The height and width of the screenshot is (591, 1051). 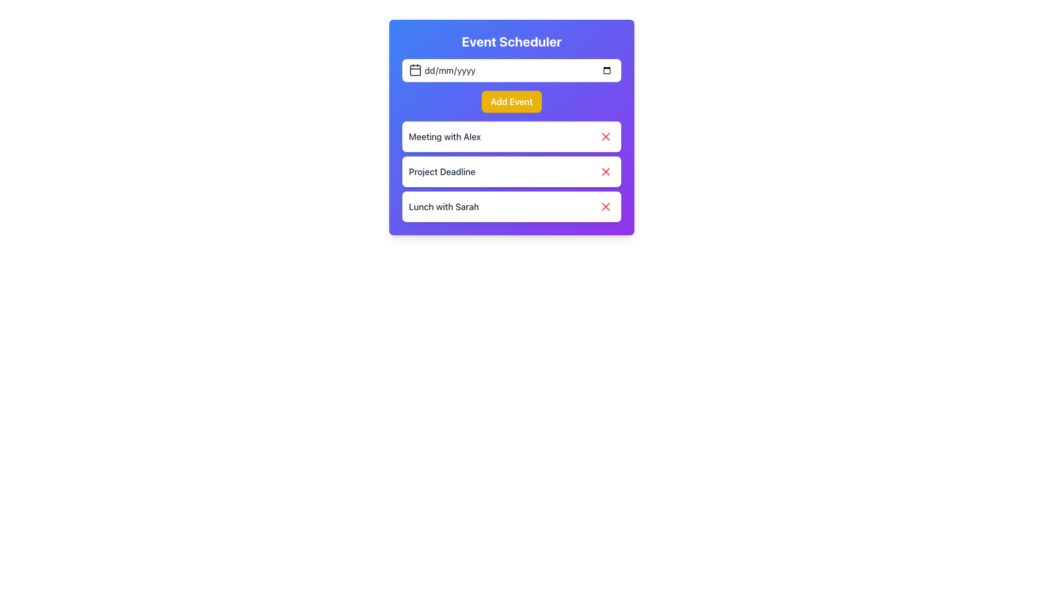 What do you see at coordinates (605, 207) in the screenshot?
I see `the red cross icon button located in the lower-right corner of the 'Lunch with Sarah' event list item` at bounding box center [605, 207].